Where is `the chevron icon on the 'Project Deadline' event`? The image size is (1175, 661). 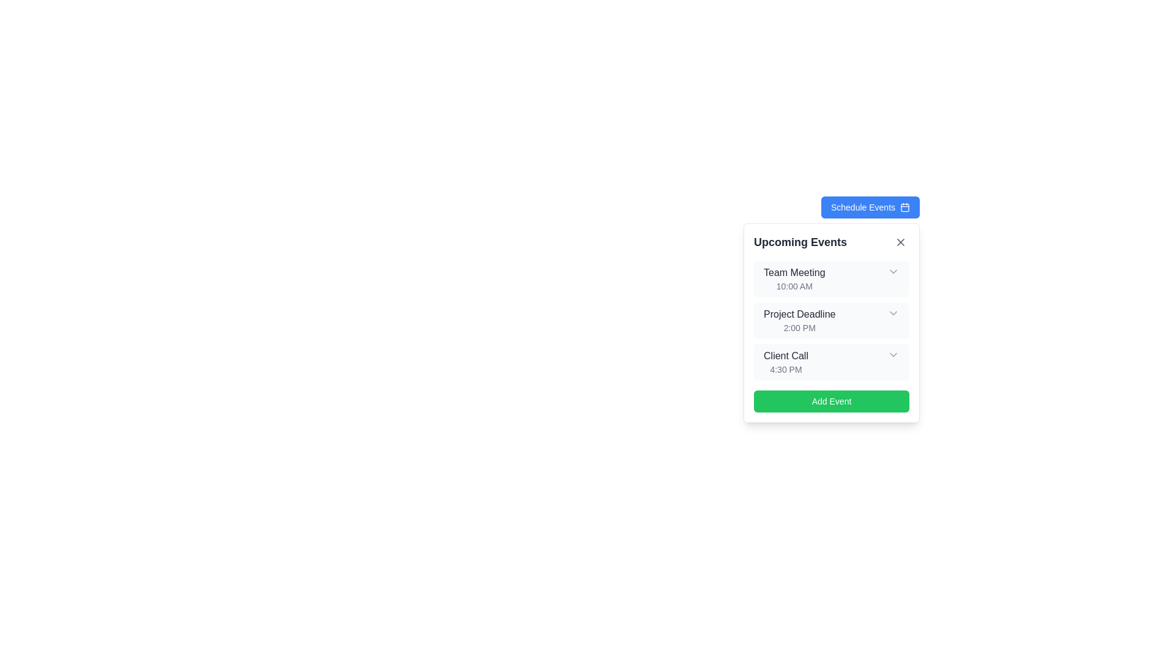 the chevron icon on the 'Project Deadline' event is located at coordinates (831, 320).